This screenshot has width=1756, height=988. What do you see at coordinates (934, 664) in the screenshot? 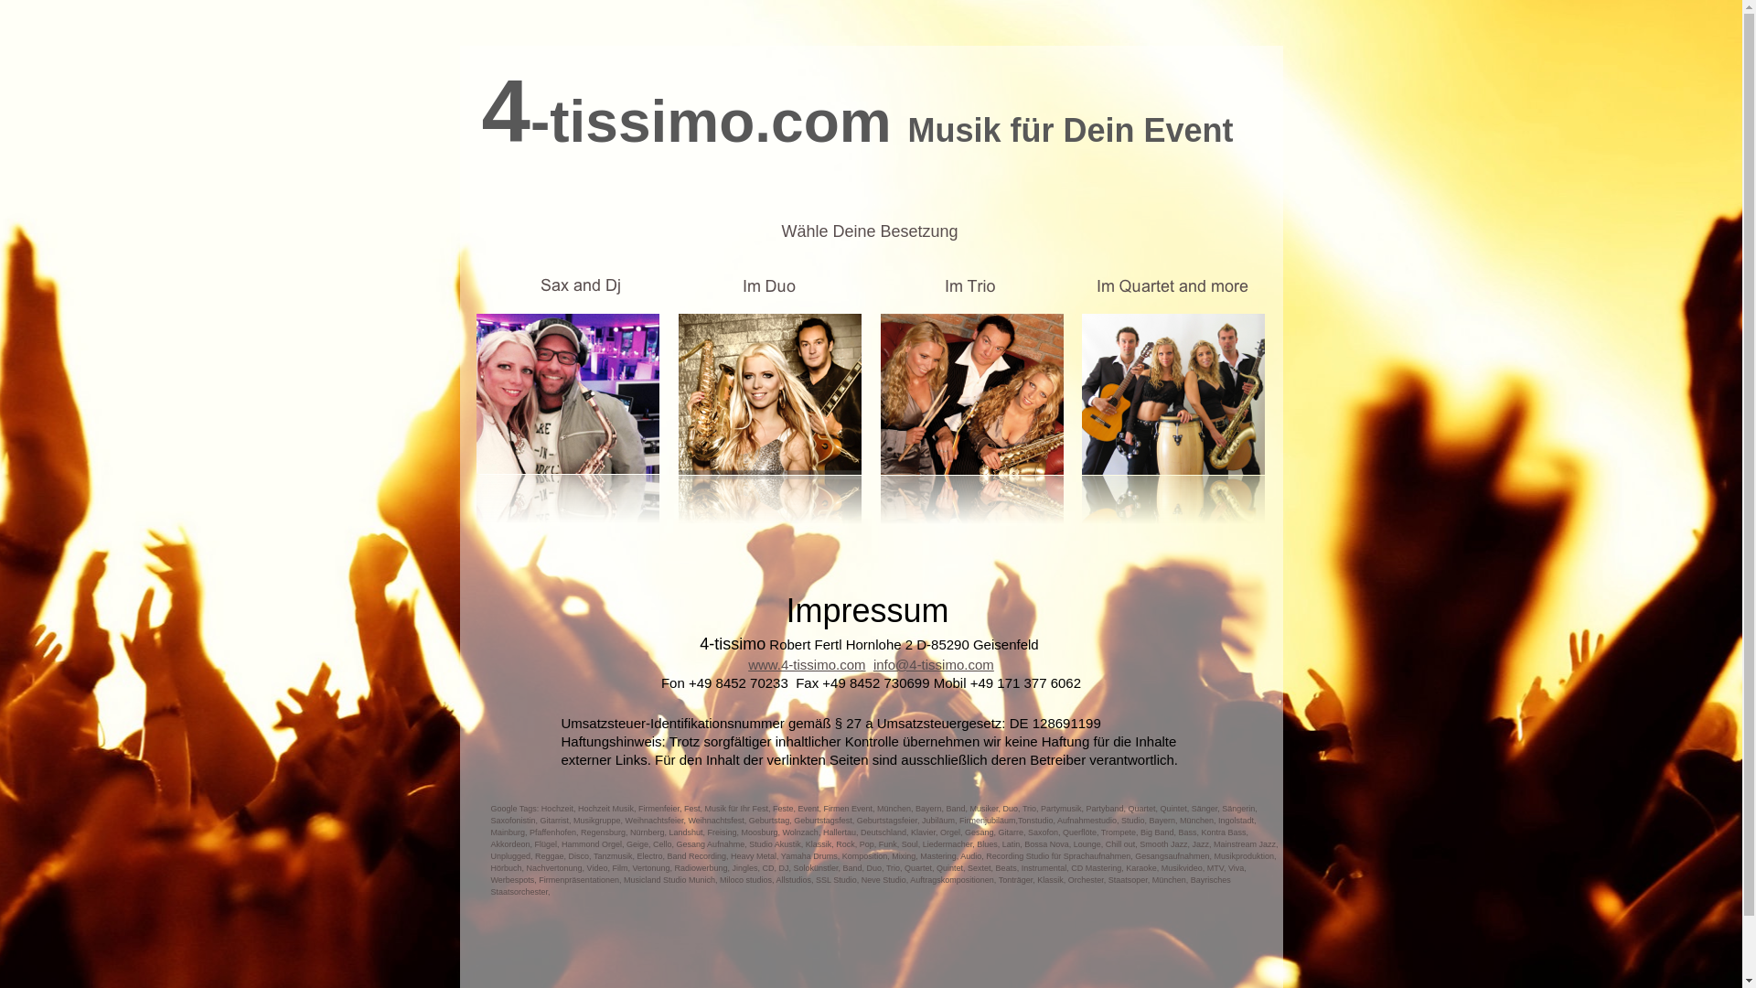
I see `'info@4-tissimo.com'` at bounding box center [934, 664].